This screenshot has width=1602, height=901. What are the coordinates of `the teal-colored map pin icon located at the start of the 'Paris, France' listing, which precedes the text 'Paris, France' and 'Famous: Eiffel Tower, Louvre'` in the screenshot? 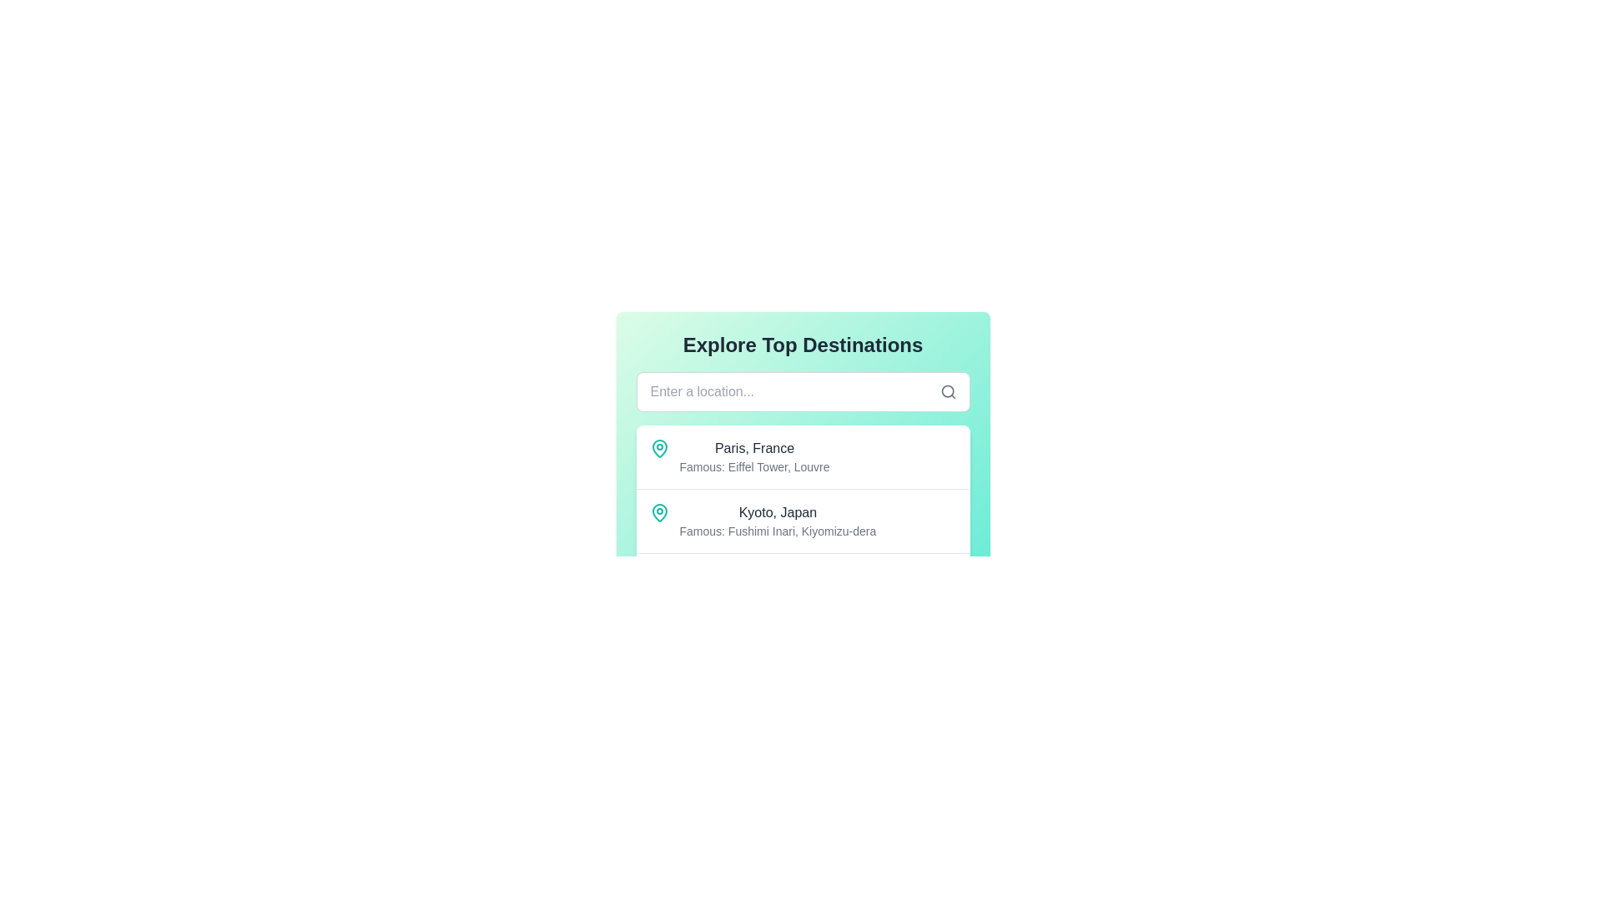 It's located at (658, 447).